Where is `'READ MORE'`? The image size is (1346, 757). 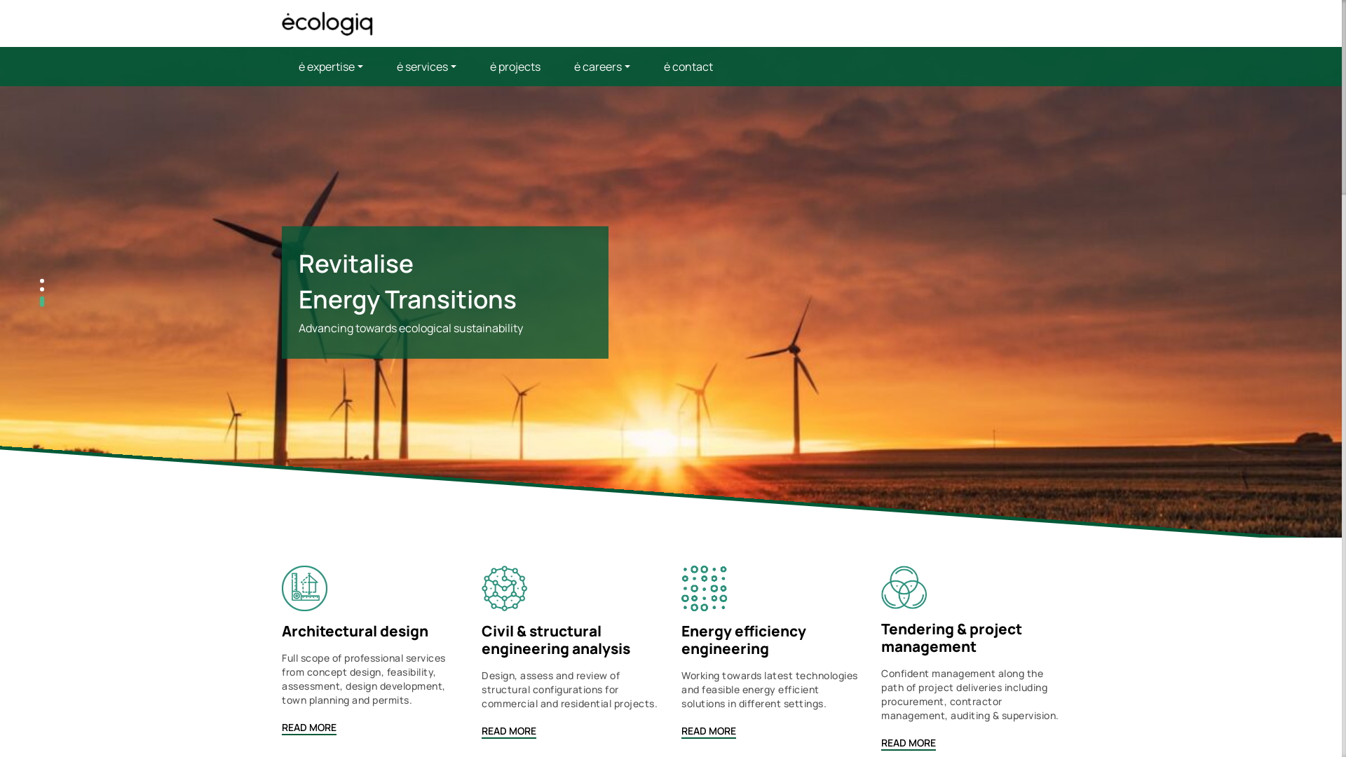
'READ MORE' is located at coordinates (909, 742).